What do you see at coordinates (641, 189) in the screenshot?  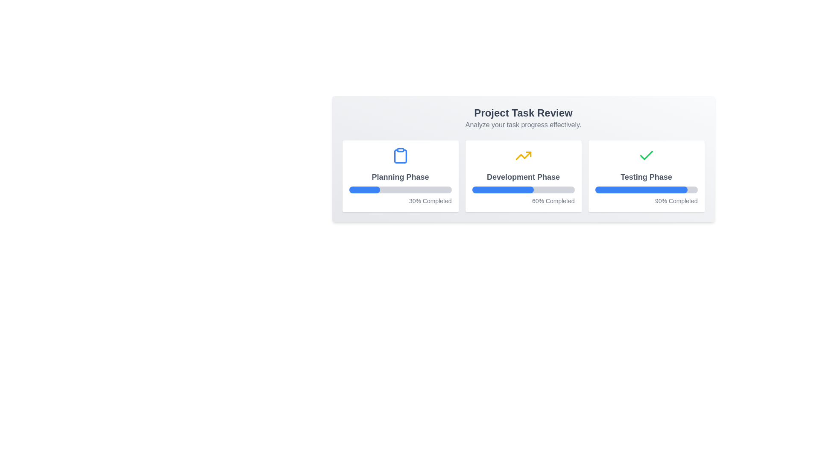 I see `the horizontal progress bar that is approximately 90% filled with a smooth blue color, located within the 'Testing Phase' card on the far right of the layout` at bounding box center [641, 189].